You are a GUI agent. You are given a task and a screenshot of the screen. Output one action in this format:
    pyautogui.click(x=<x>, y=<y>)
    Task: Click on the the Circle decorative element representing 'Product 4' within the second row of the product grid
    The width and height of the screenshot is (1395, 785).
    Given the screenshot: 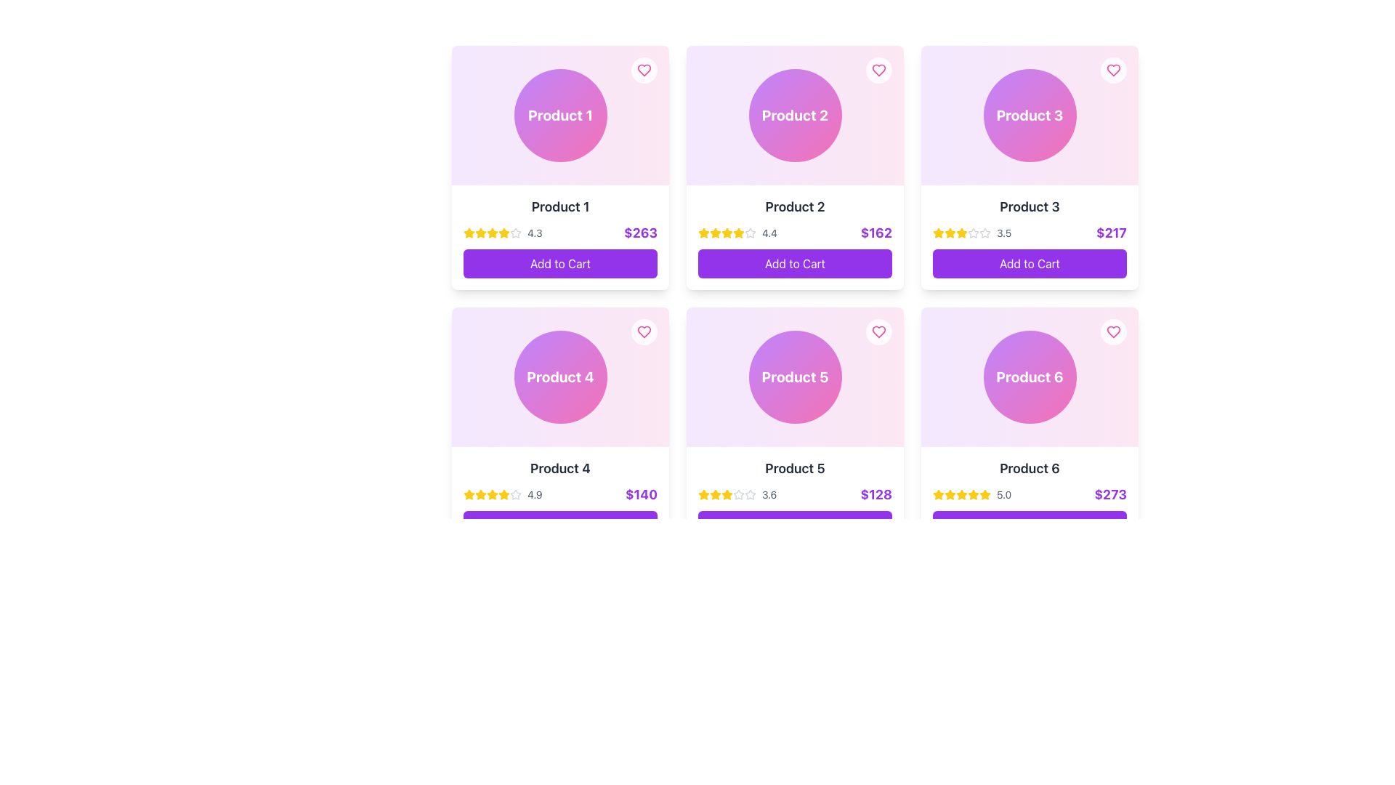 What is the action you would take?
    pyautogui.click(x=559, y=377)
    